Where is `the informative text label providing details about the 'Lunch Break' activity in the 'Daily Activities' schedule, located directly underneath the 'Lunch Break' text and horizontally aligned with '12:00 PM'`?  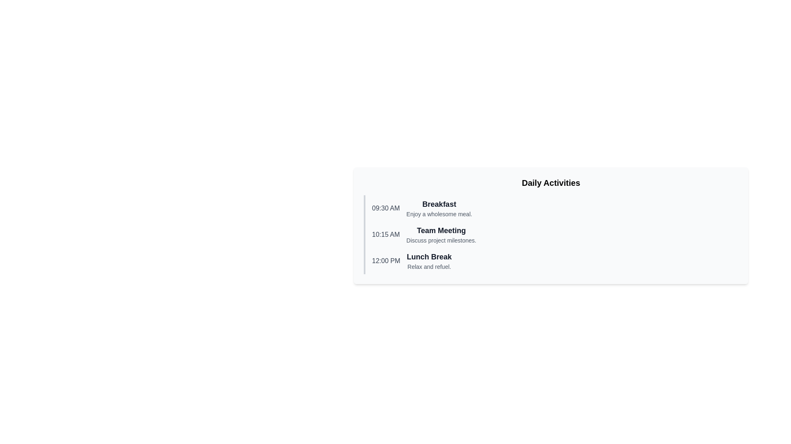 the informative text label providing details about the 'Lunch Break' activity in the 'Daily Activities' schedule, located directly underneath the 'Lunch Break' text and horizontally aligned with '12:00 PM' is located at coordinates (428, 266).